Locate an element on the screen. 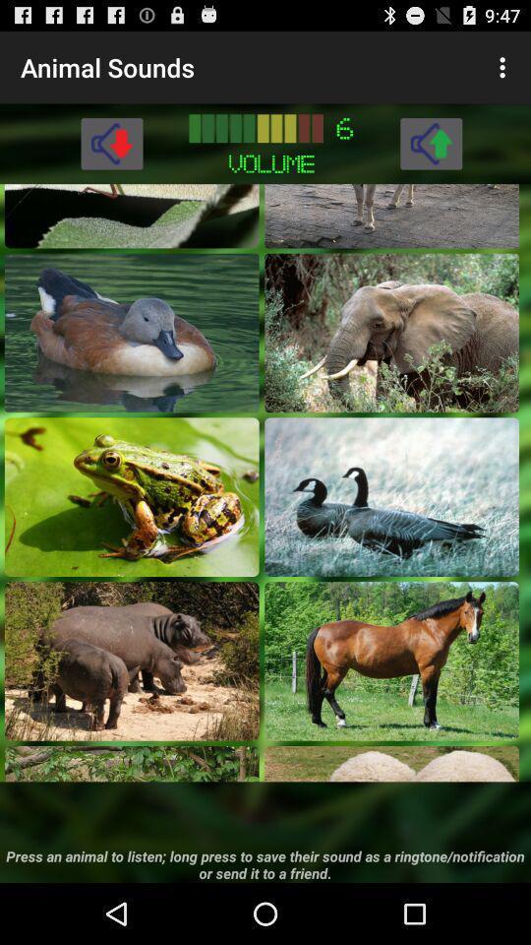  the app above press an animal is located at coordinates (132, 763).